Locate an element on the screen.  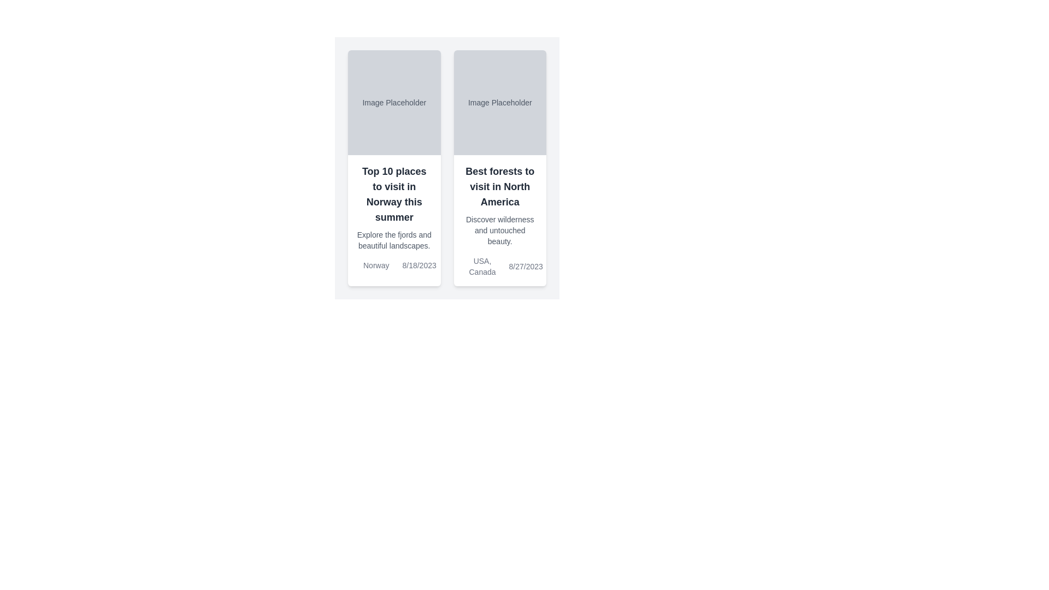
the static text label displaying 'Image Placeholder' located in the upper gray area of the second card is located at coordinates (499, 103).